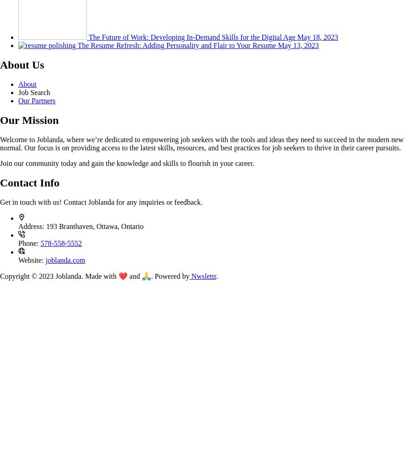 The width and height of the screenshot is (412, 457). What do you see at coordinates (36, 100) in the screenshot?
I see `'Our Partners'` at bounding box center [36, 100].